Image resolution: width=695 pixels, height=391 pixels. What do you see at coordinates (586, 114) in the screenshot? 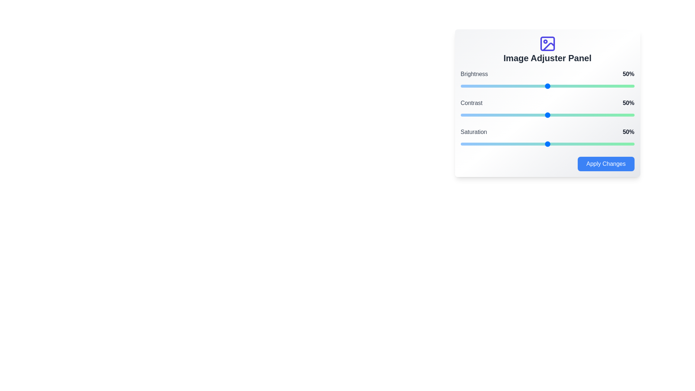
I see `the contrast slider to 72%` at bounding box center [586, 114].